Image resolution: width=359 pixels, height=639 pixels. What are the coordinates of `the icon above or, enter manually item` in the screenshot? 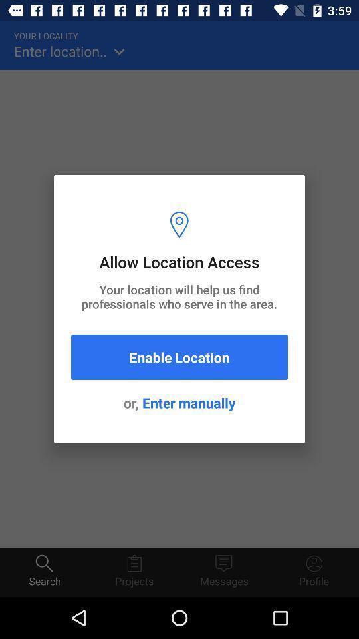 It's located at (179, 357).